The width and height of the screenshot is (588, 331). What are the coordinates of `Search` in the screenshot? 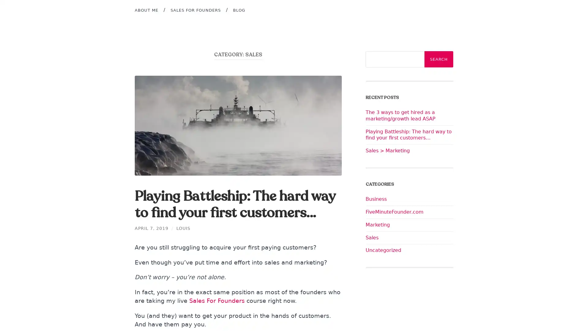 It's located at (439, 59).